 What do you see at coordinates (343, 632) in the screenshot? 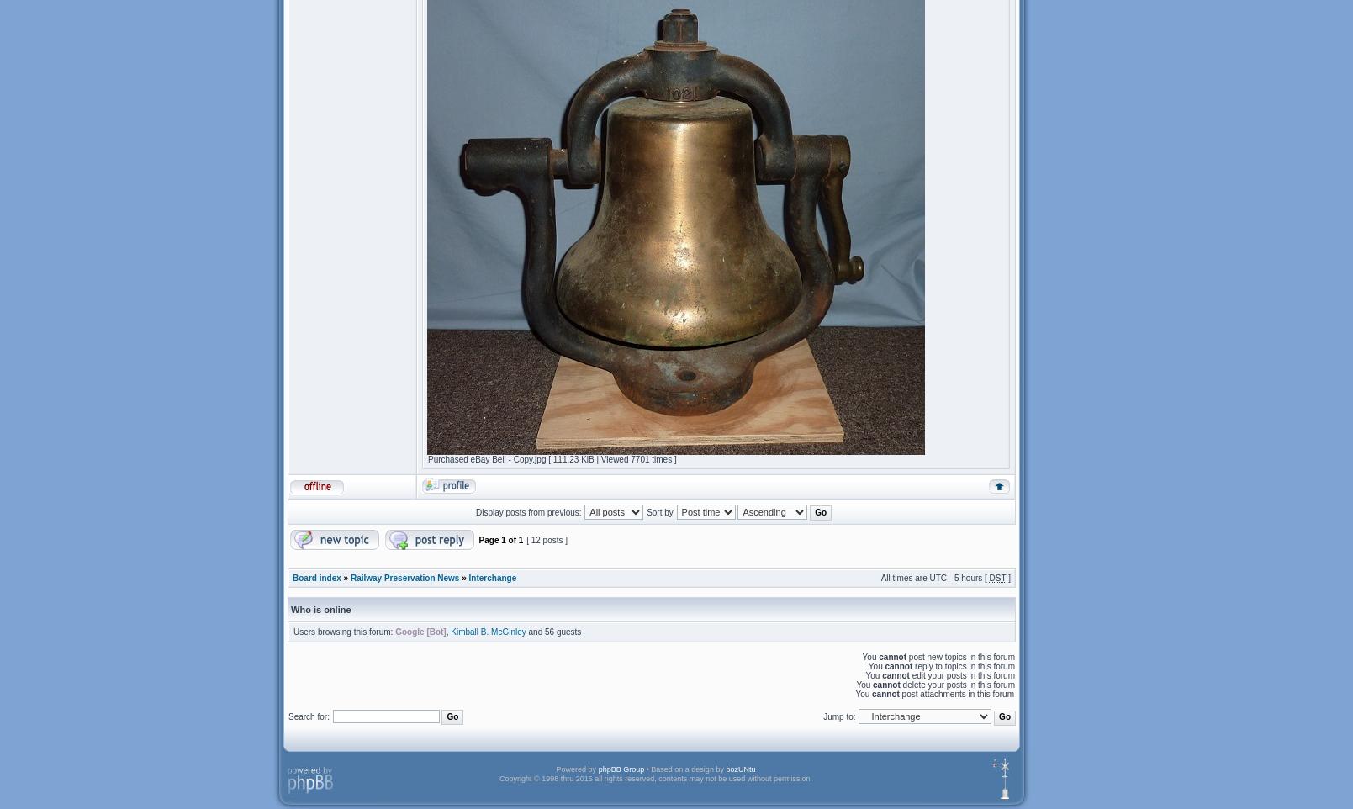
I see `'Users browsing this forum:'` at bounding box center [343, 632].